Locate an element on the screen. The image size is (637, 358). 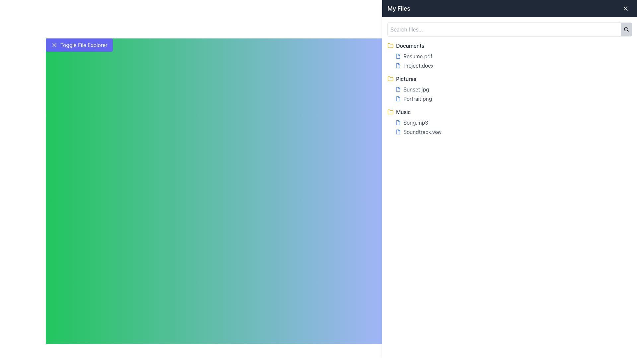
to select the file list item labeled 'Soundtrack.wav' in the Music folder is located at coordinates (513, 132).